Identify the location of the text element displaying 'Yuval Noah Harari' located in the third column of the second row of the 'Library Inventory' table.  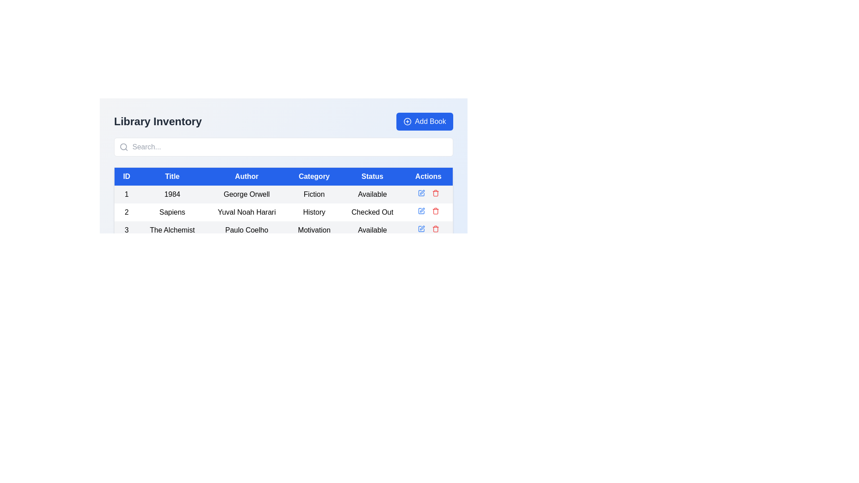
(247, 212).